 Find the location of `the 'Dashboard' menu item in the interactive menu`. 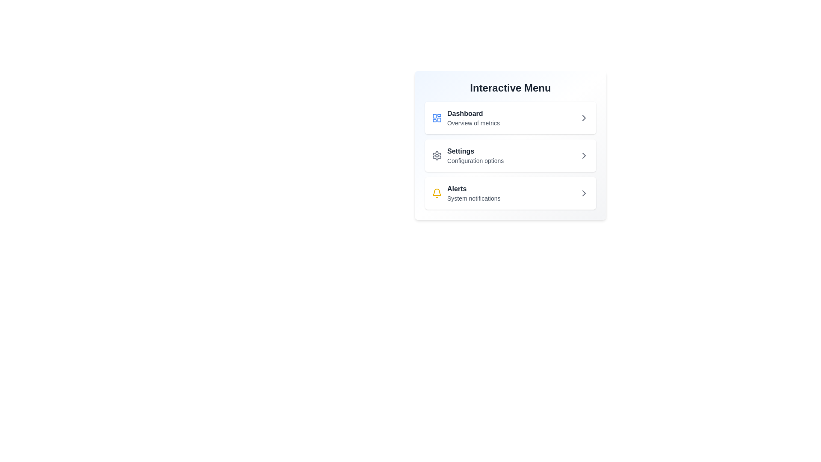

the 'Dashboard' menu item in the interactive menu is located at coordinates (511, 118).